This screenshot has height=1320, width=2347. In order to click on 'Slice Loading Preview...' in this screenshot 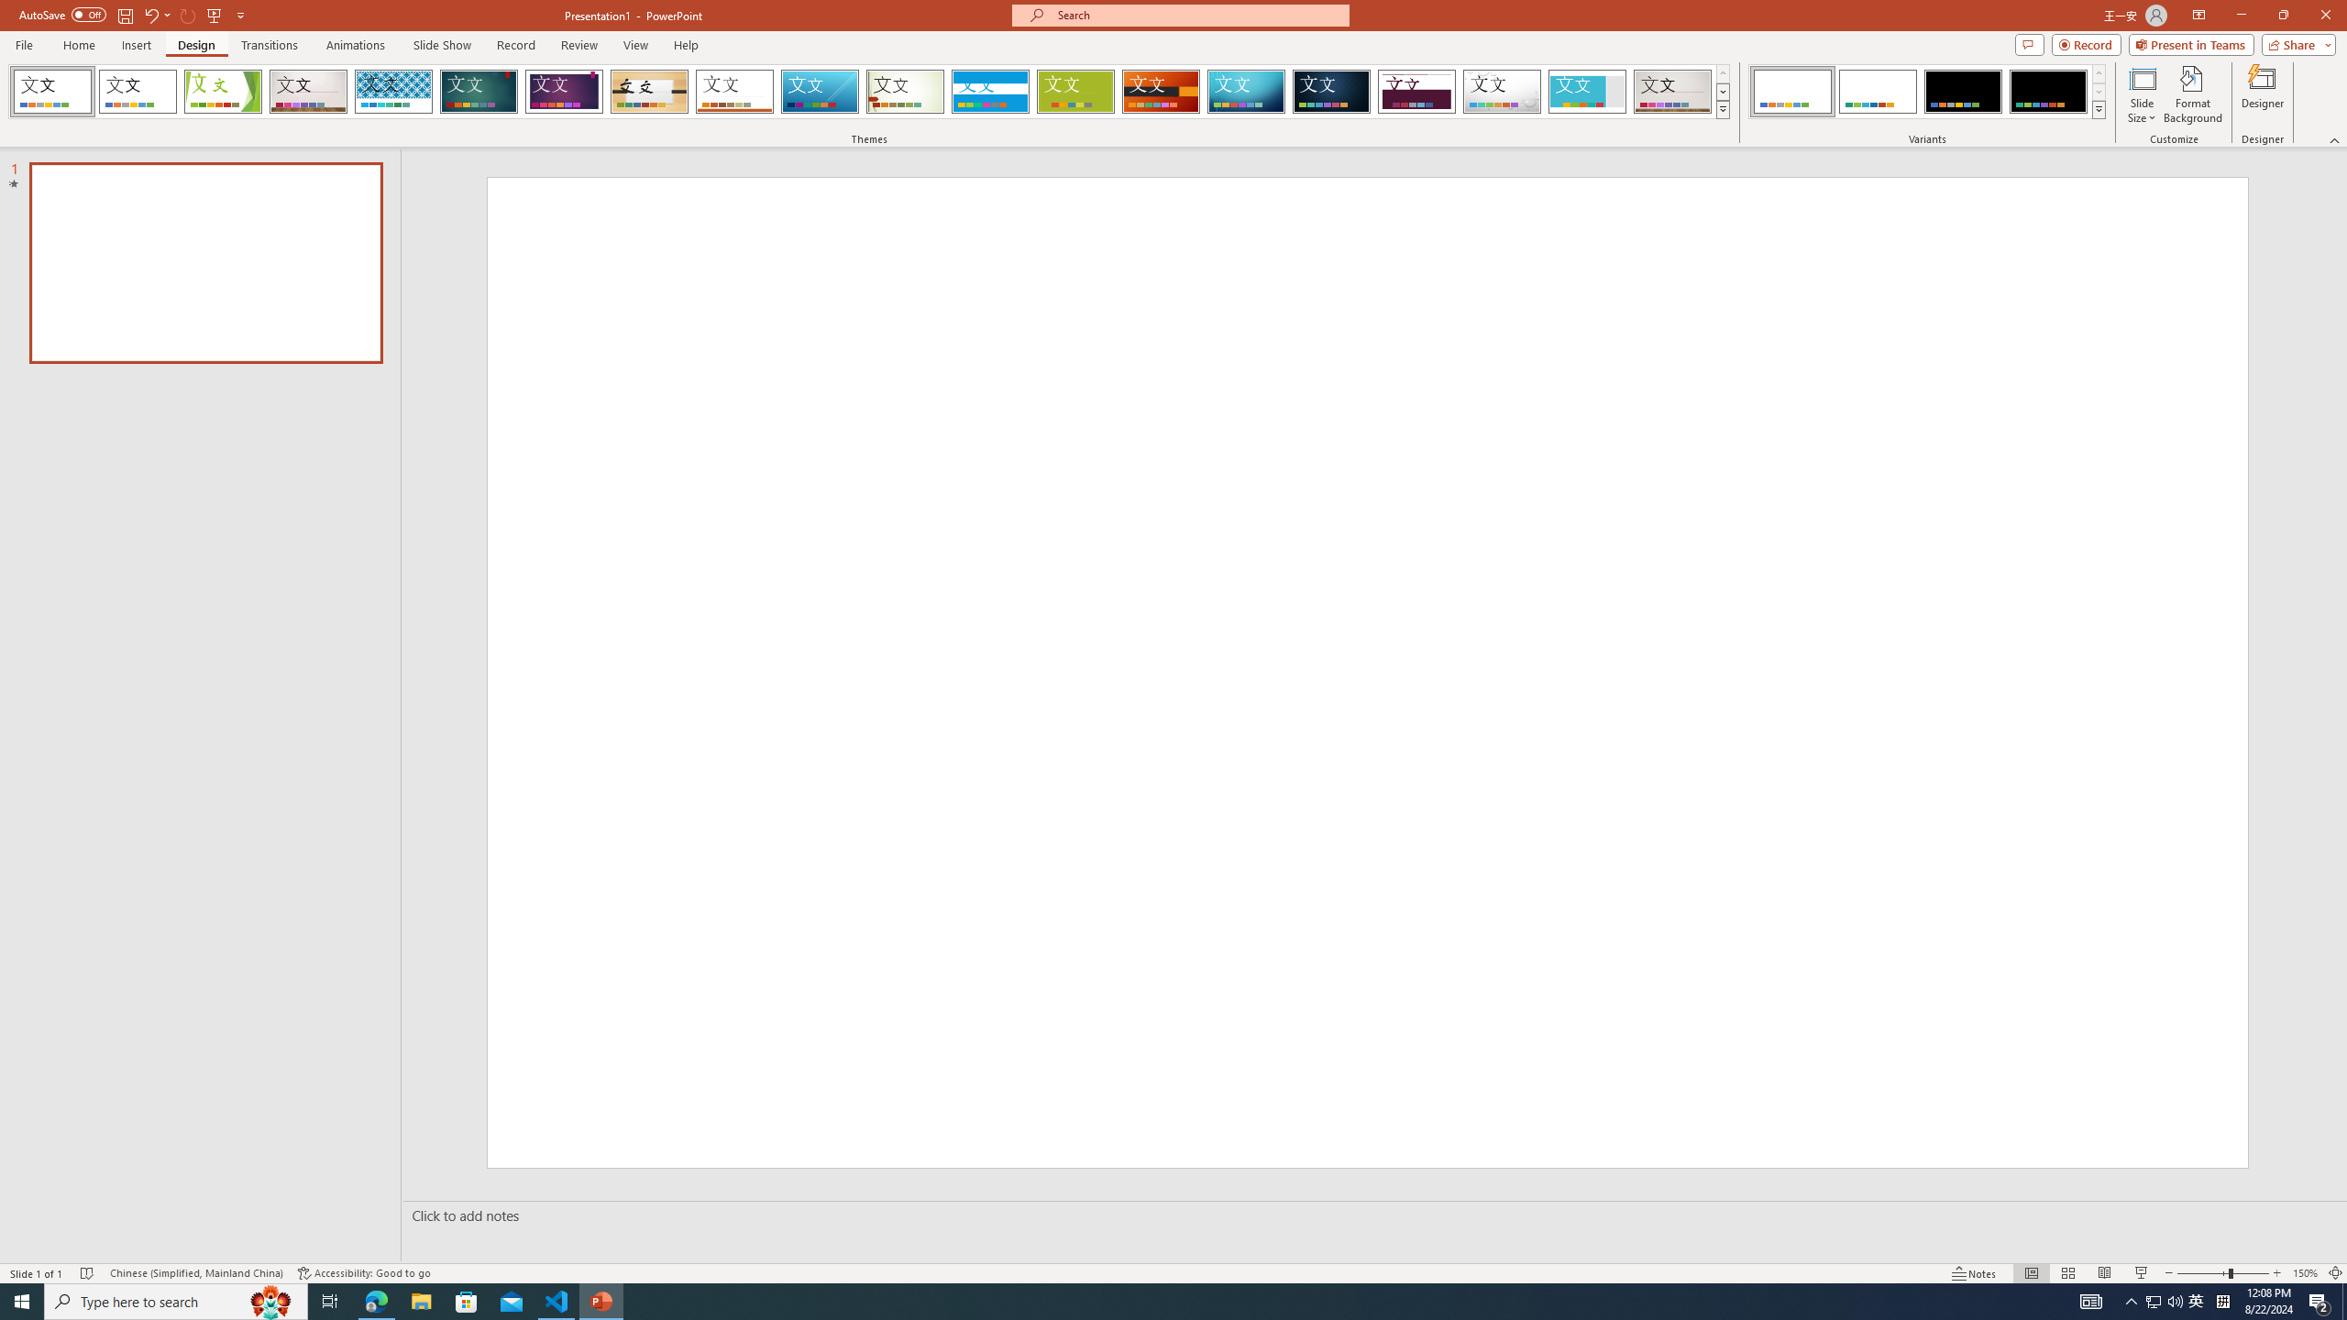, I will do `click(819, 91)`.